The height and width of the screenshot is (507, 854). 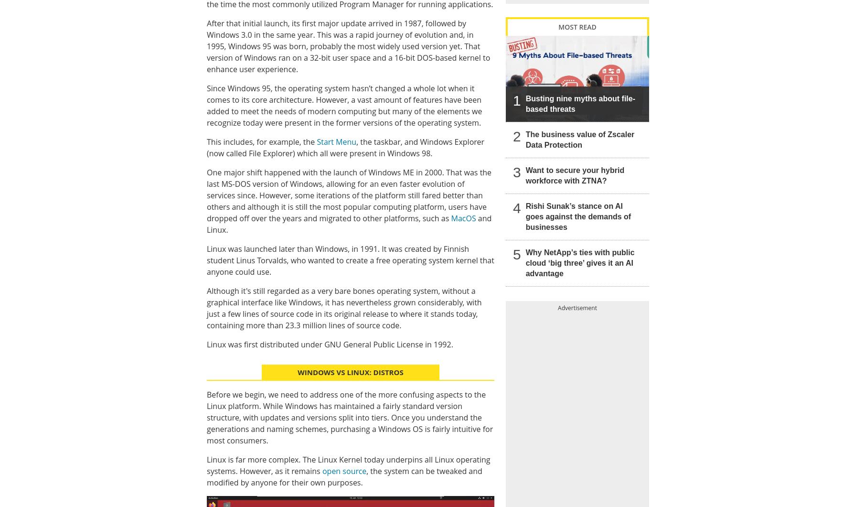 What do you see at coordinates (579, 139) in the screenshot?
I see `'The business value 
of Zscaler Data Protection'` at bounding box center [579, 139].